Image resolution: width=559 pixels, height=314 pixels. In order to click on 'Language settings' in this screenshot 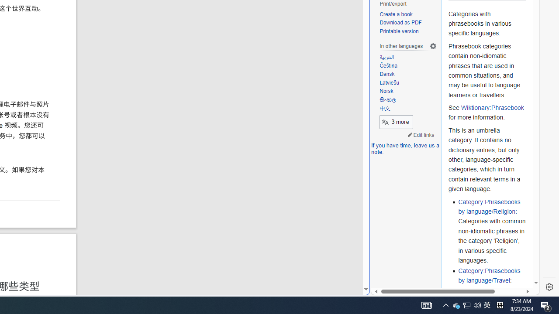, I will do `click(433, 46)`.